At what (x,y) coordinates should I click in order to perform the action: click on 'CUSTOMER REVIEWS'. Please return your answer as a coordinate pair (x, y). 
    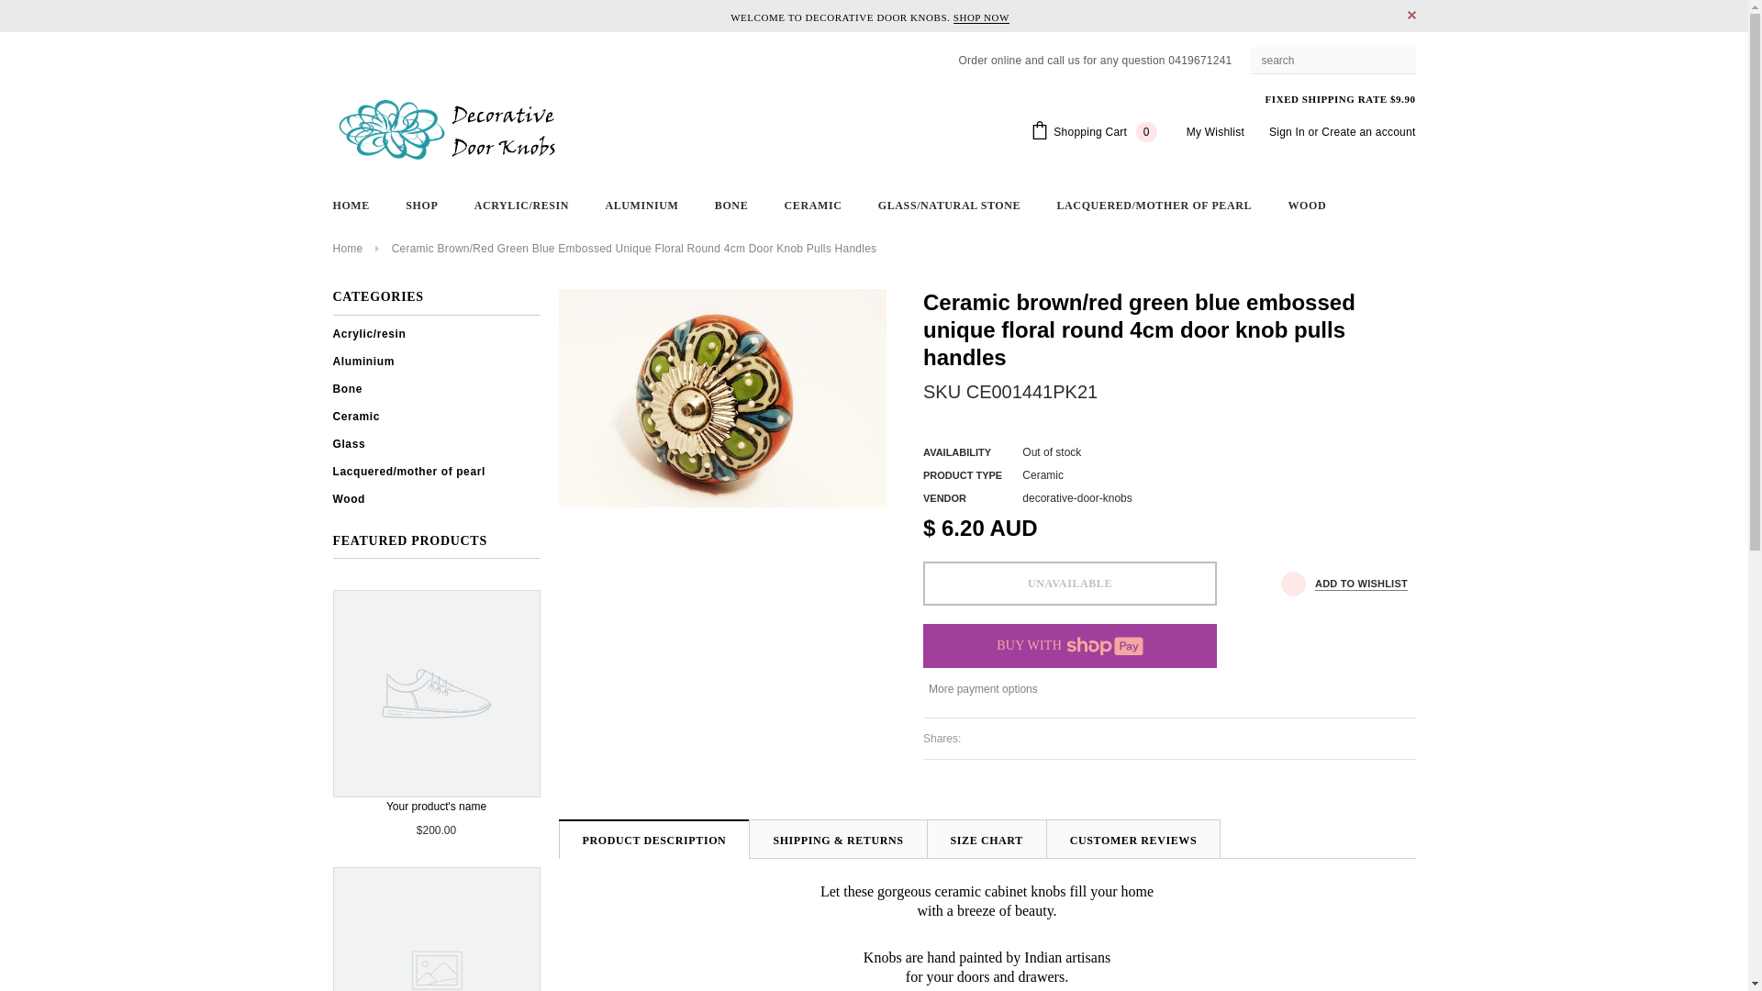
    Looking at the image, I should click on (1132, 839).